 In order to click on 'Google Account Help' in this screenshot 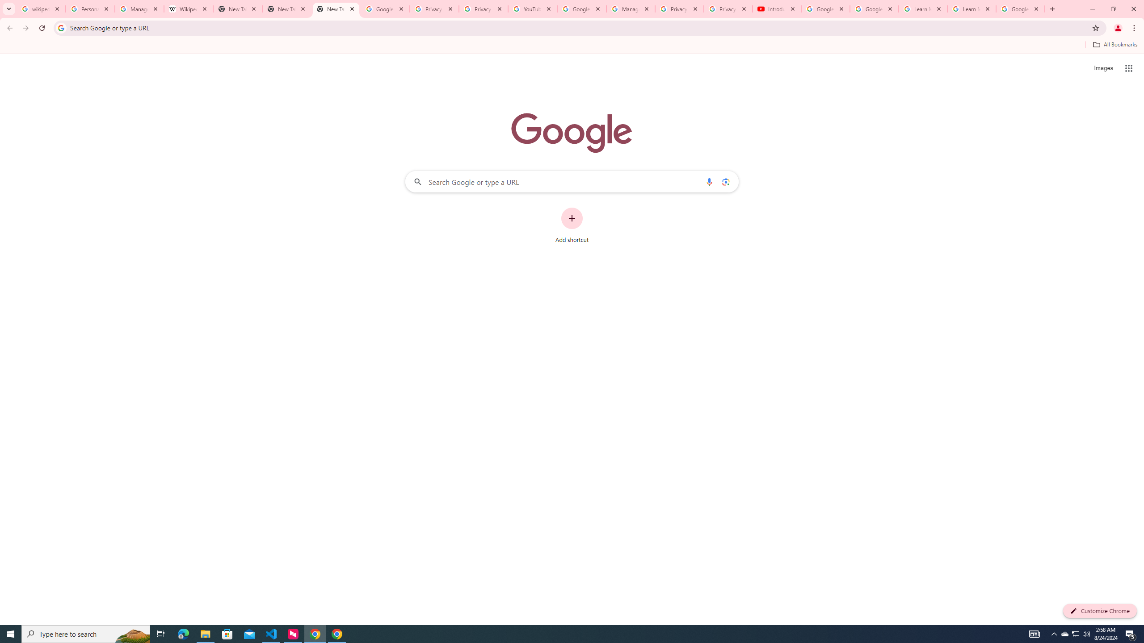, I will do `click(825, 8)`.